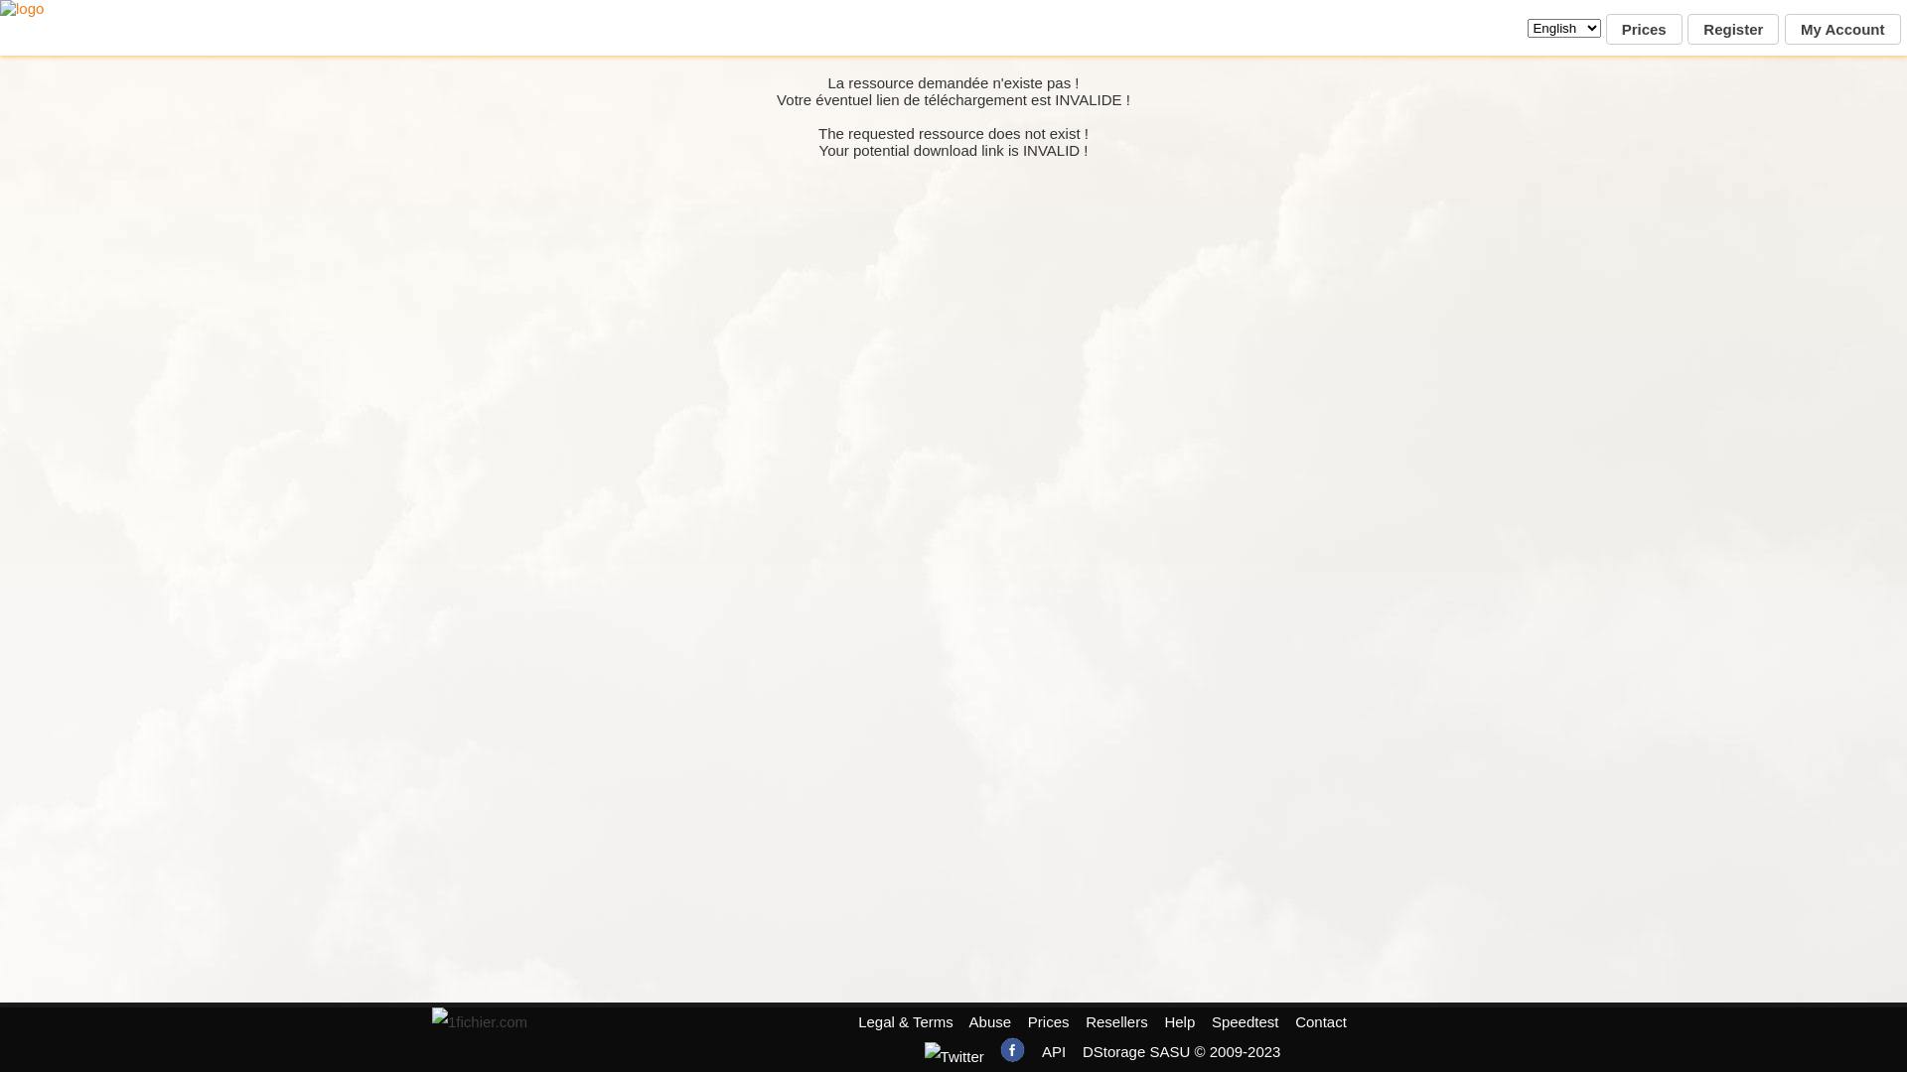 This screenshot has width=1907, height=1072. What do you see at coordinates (858, 1021) in the screenshot?
I see `'Legal & Terms'` at bounding box center [858, 1021].